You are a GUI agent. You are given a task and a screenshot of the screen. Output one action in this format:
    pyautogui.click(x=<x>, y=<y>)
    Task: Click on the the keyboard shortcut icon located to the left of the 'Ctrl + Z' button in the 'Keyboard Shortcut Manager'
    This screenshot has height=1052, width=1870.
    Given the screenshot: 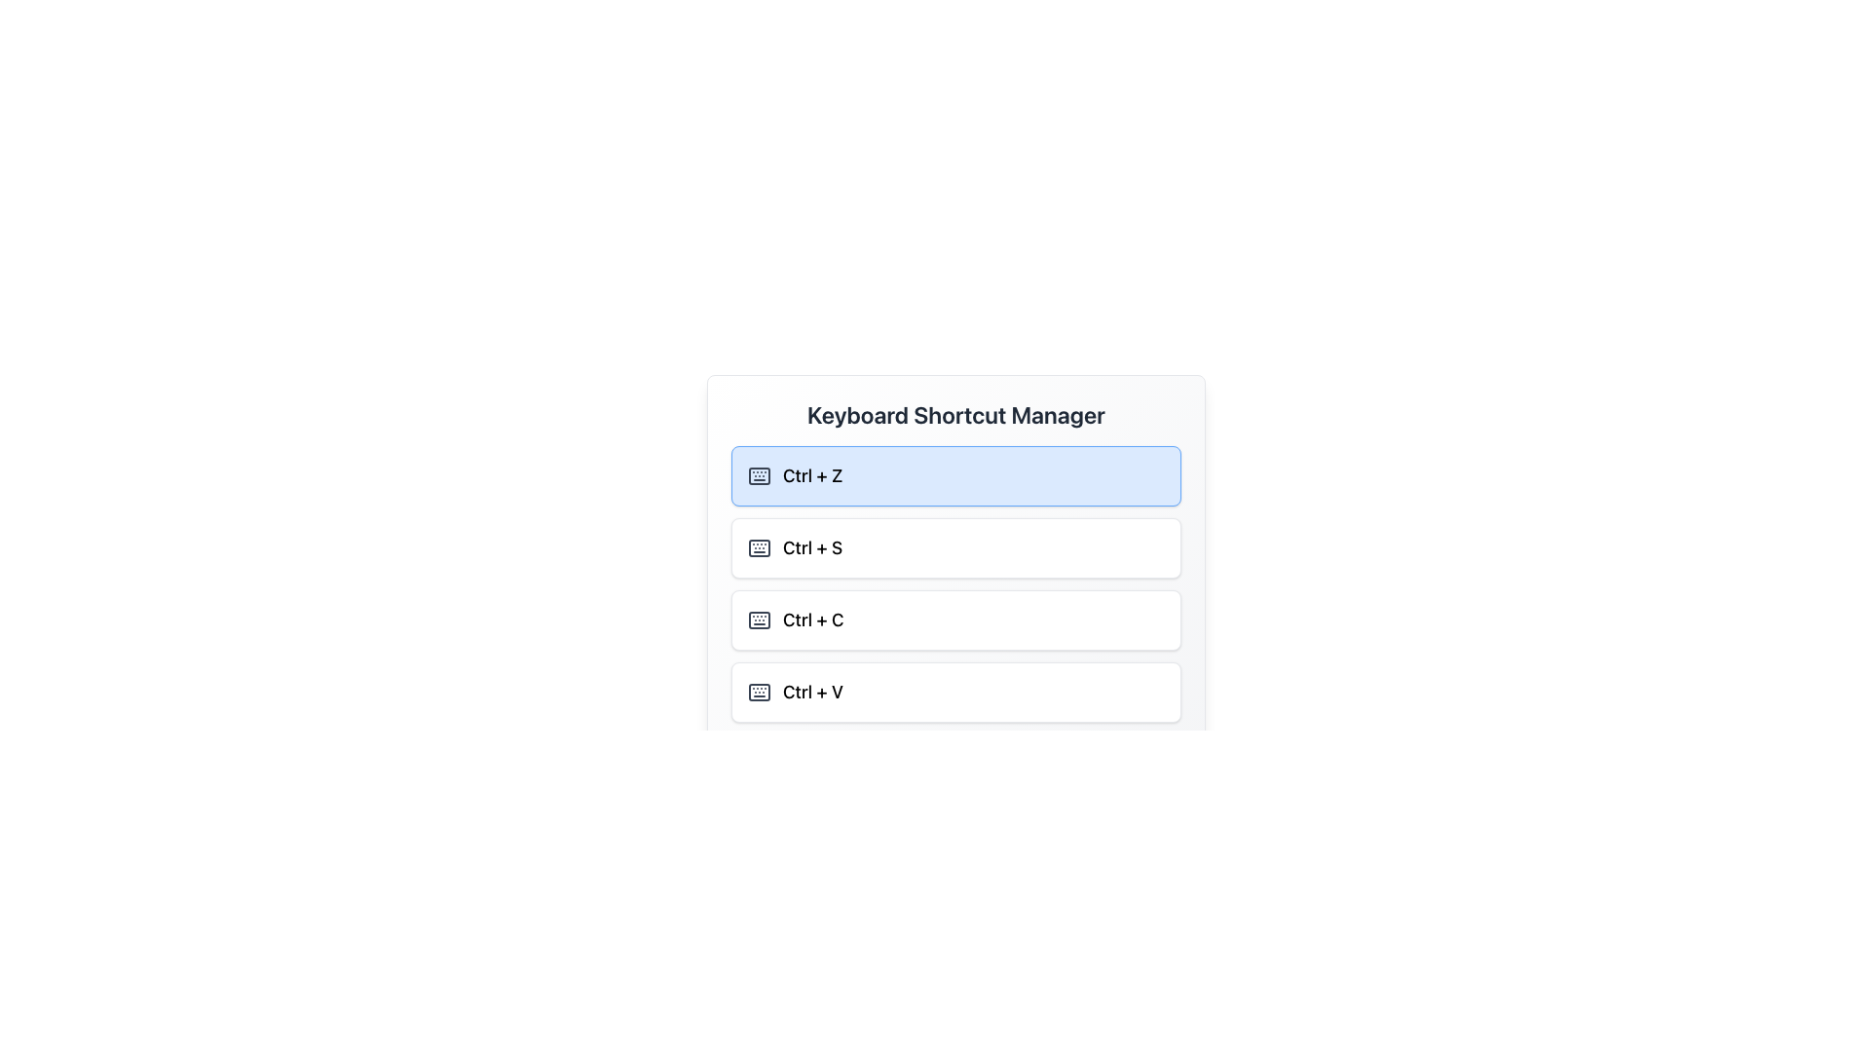 What is the action you would take?
    pyautogui.click(x=758, y=476)
    